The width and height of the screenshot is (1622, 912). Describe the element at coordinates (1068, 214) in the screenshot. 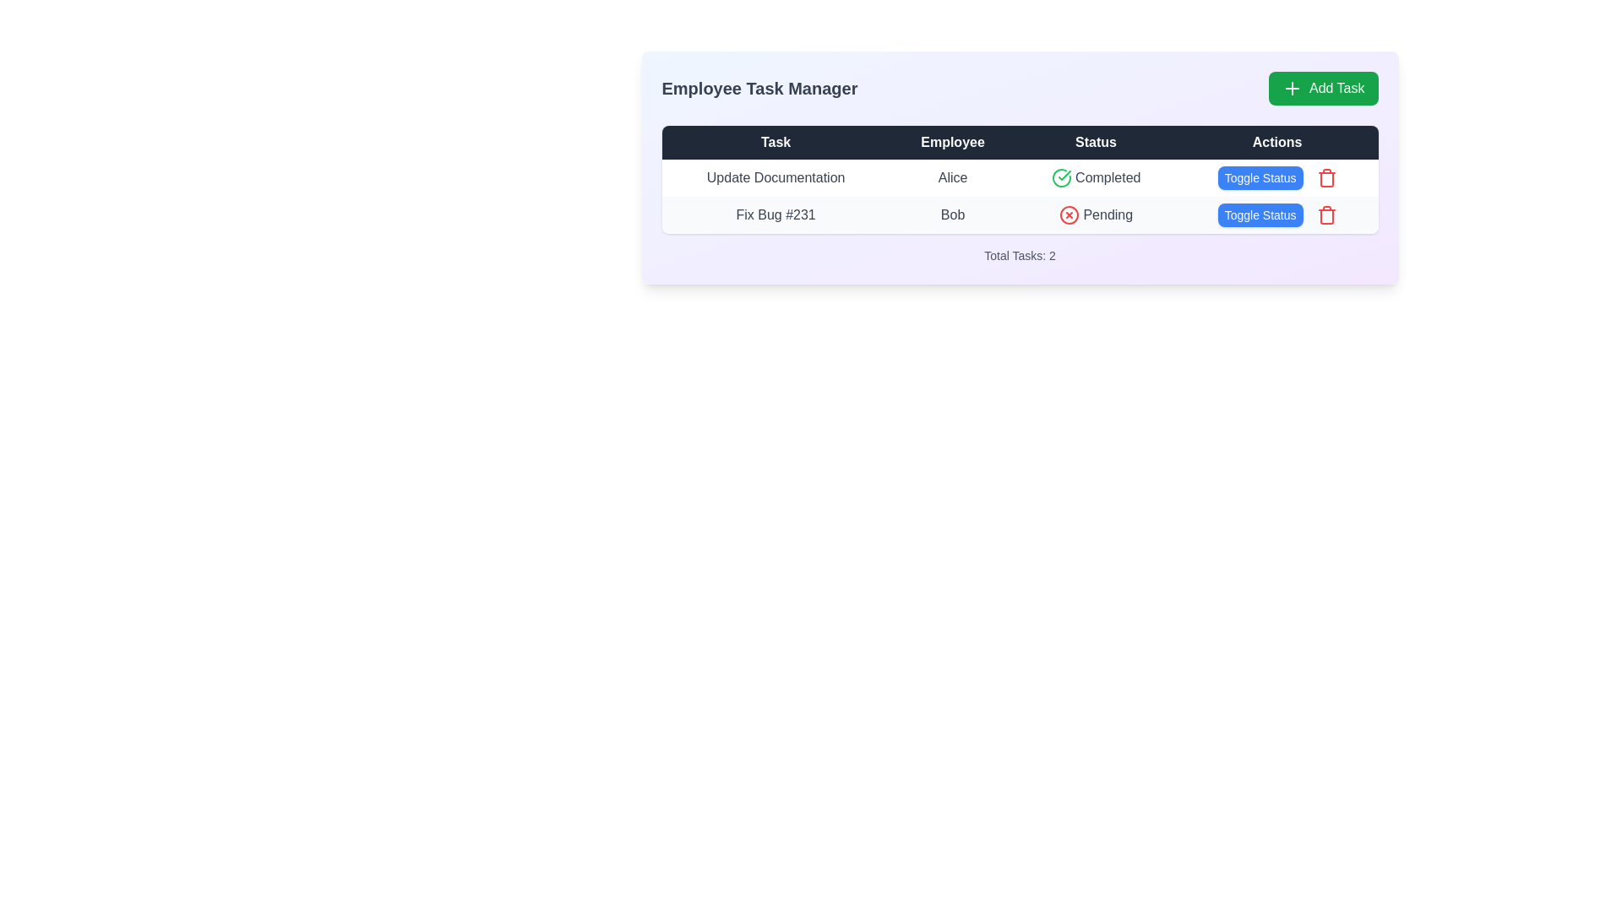

I see `the circular red 'X' icon located in the 'Status' column of the second row beside the text 'Pending'` at that location.